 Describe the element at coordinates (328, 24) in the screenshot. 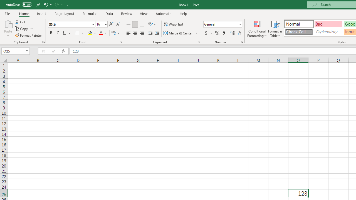

I see `'Bad'` at that location.